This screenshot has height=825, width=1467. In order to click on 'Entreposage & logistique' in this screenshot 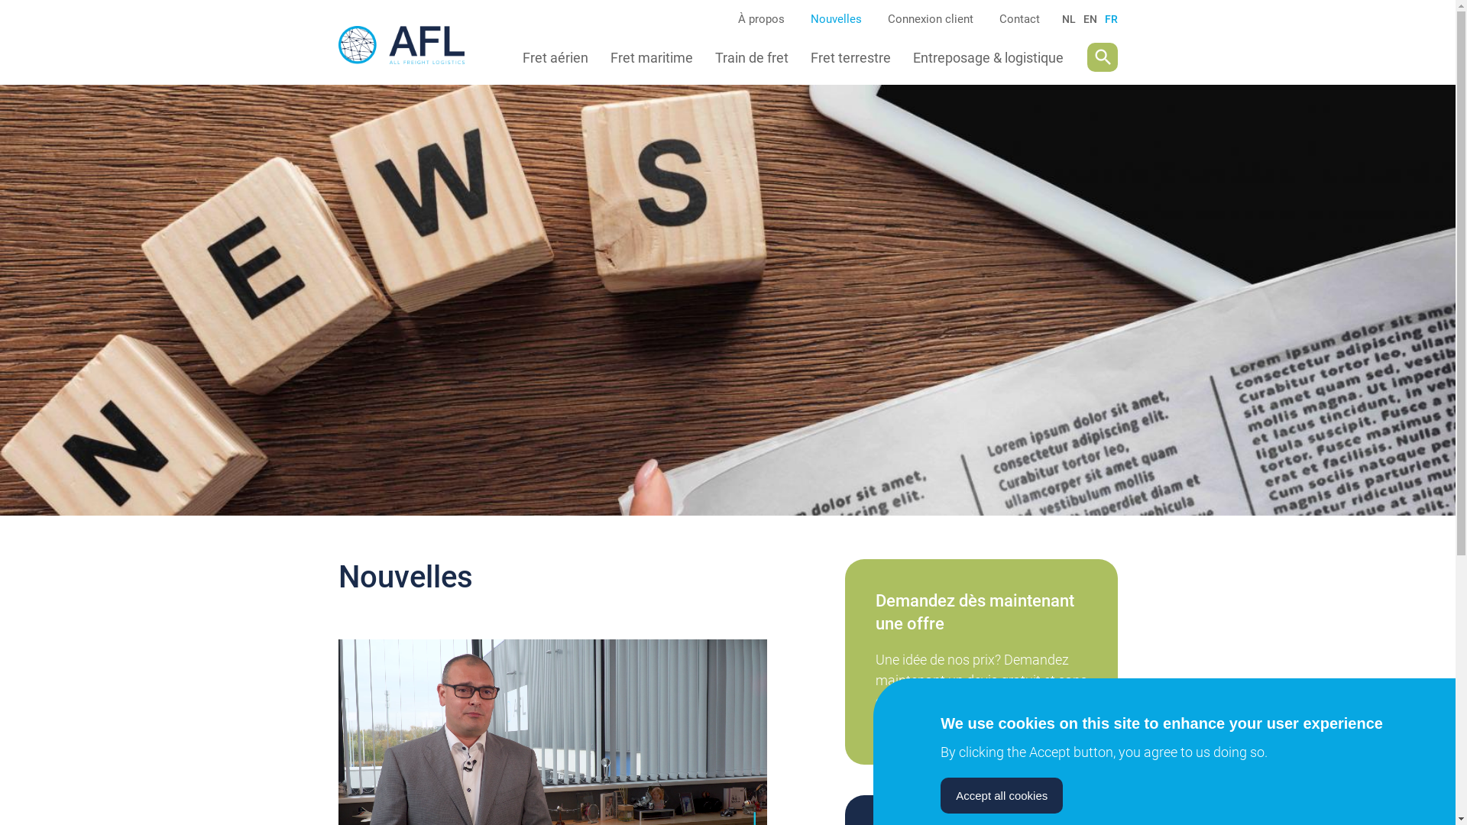, I will do `click(988, 56)`.